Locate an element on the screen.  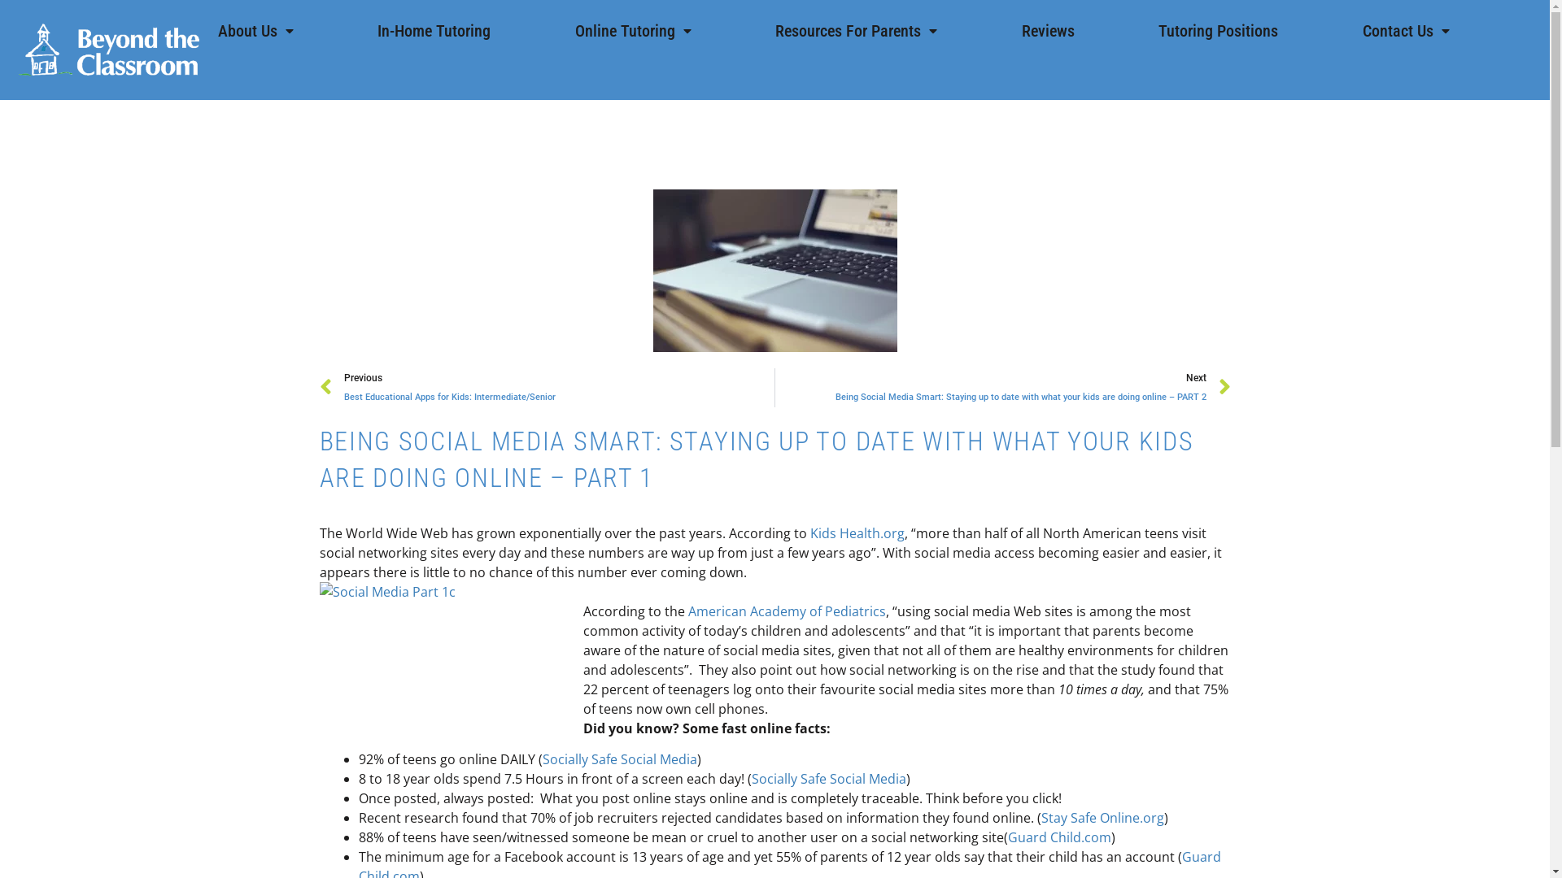
'About Us' is located at coordinates (255, 31).